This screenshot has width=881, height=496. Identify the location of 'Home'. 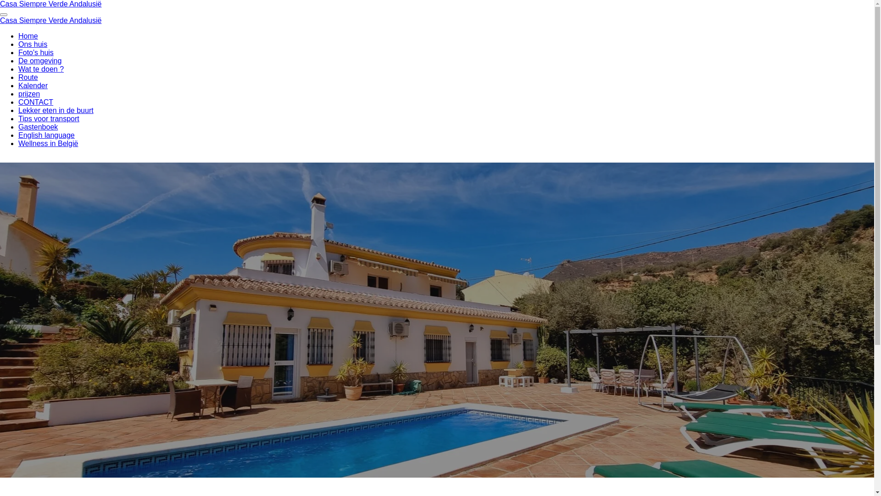
(28, 35).